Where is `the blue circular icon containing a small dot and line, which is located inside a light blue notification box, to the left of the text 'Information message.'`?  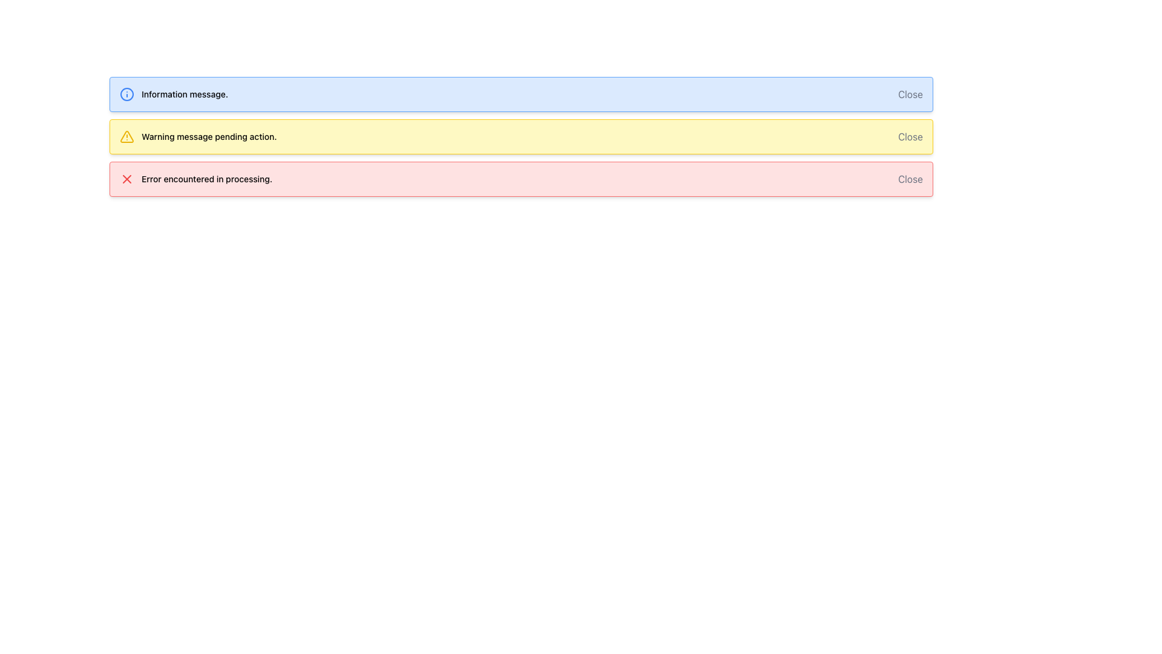 the blue circular icon containing a small dot and line, which is located inside a light blue notification box, to the left of the text 'Information message.' is located at coordinates (127, 93).